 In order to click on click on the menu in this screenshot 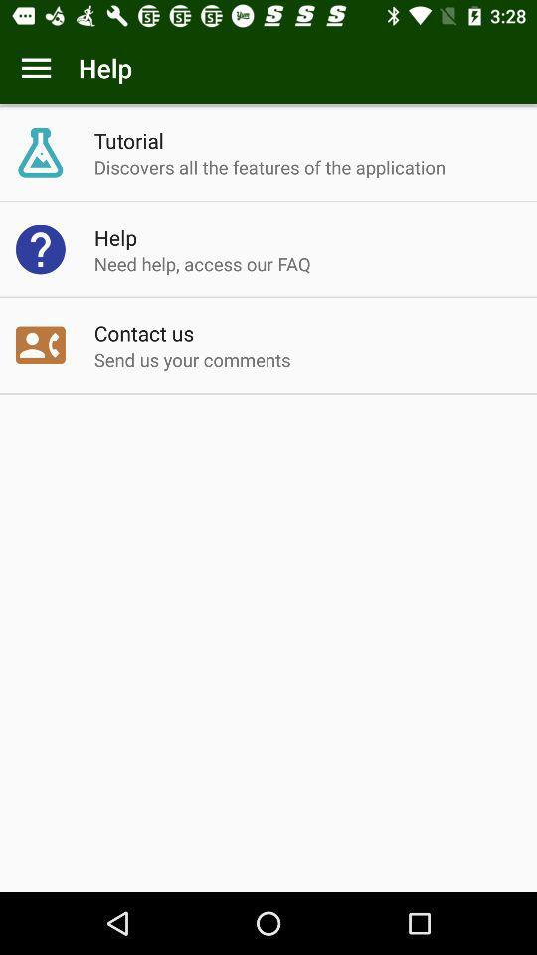, I will do `click(36, 68)`.